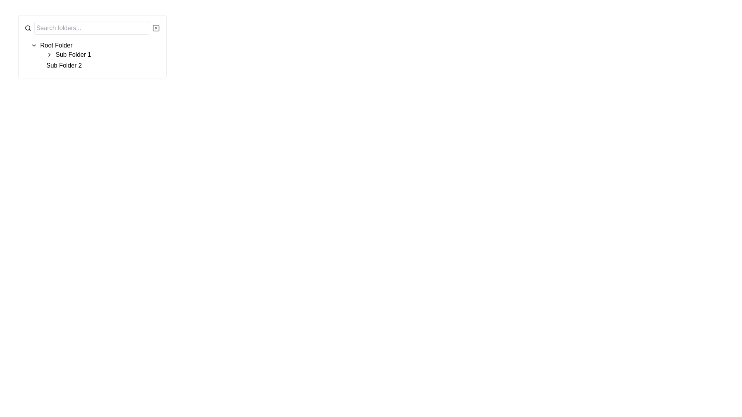 Image resolution: width=742 pixels, height=417 pixels. What do you see at coordinates (33, 46) in the screenshot?
I see `the toggle icon` at bounding box center [33, 46].